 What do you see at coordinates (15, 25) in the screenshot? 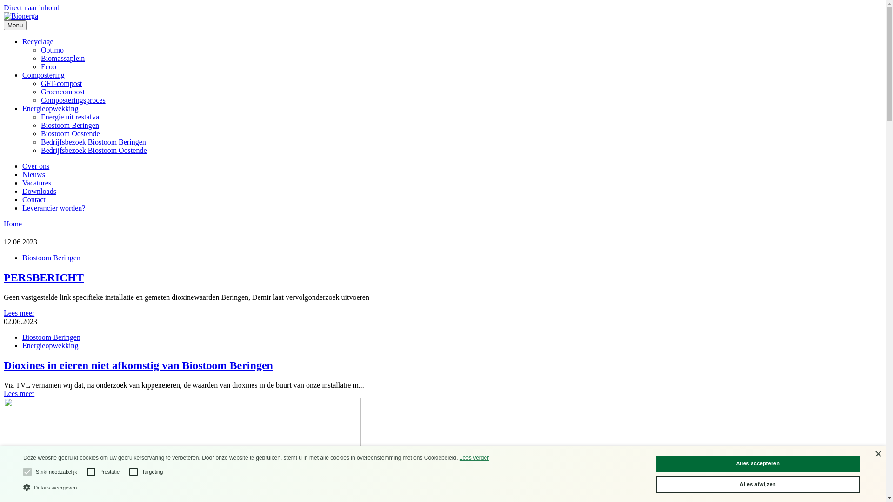
I see `'Menu'` at bounding box center [15, 25].